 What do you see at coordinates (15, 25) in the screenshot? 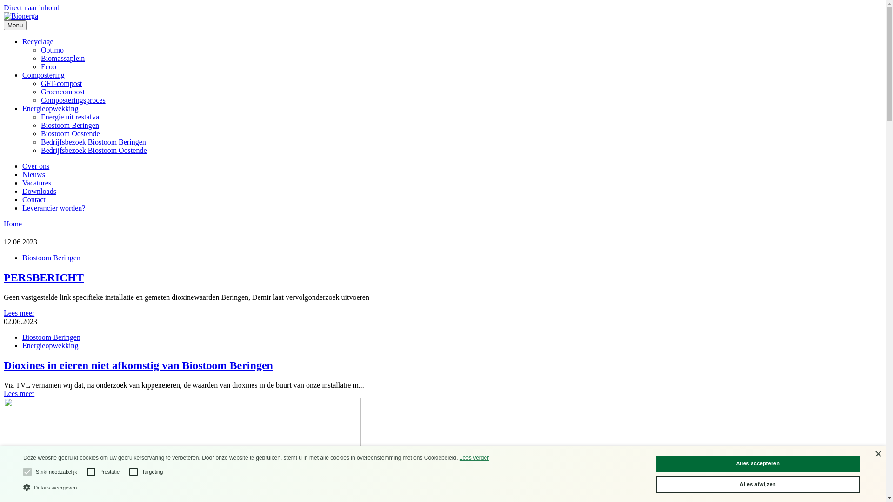
I see `'Menu'` at bounding box center [15, 25].